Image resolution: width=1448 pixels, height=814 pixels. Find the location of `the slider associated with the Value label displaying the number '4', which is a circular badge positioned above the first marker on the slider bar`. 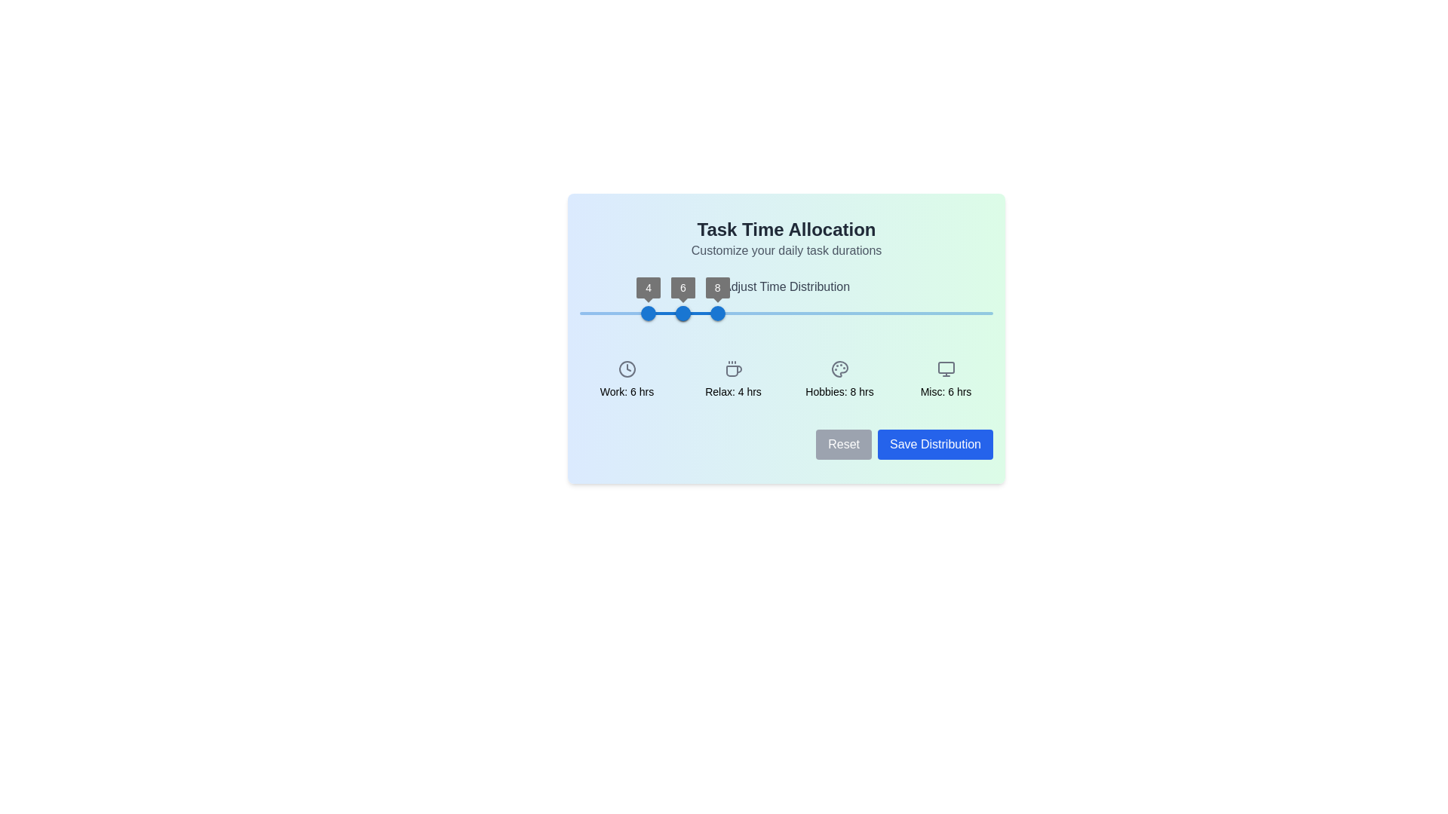

the slider associated with the Value label displaying the number '4', which is a circular badge positioned above the first marker on the slider bar is located at coordinates (649, 287).